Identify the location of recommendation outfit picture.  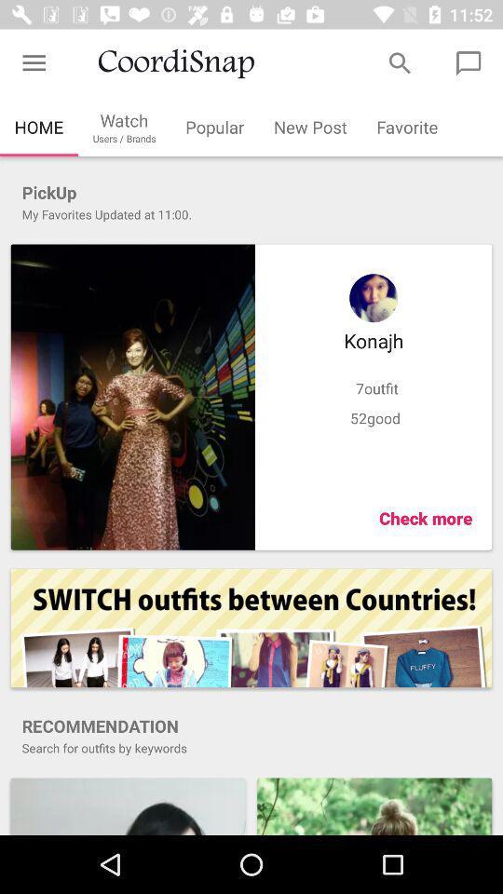
(374, 805).